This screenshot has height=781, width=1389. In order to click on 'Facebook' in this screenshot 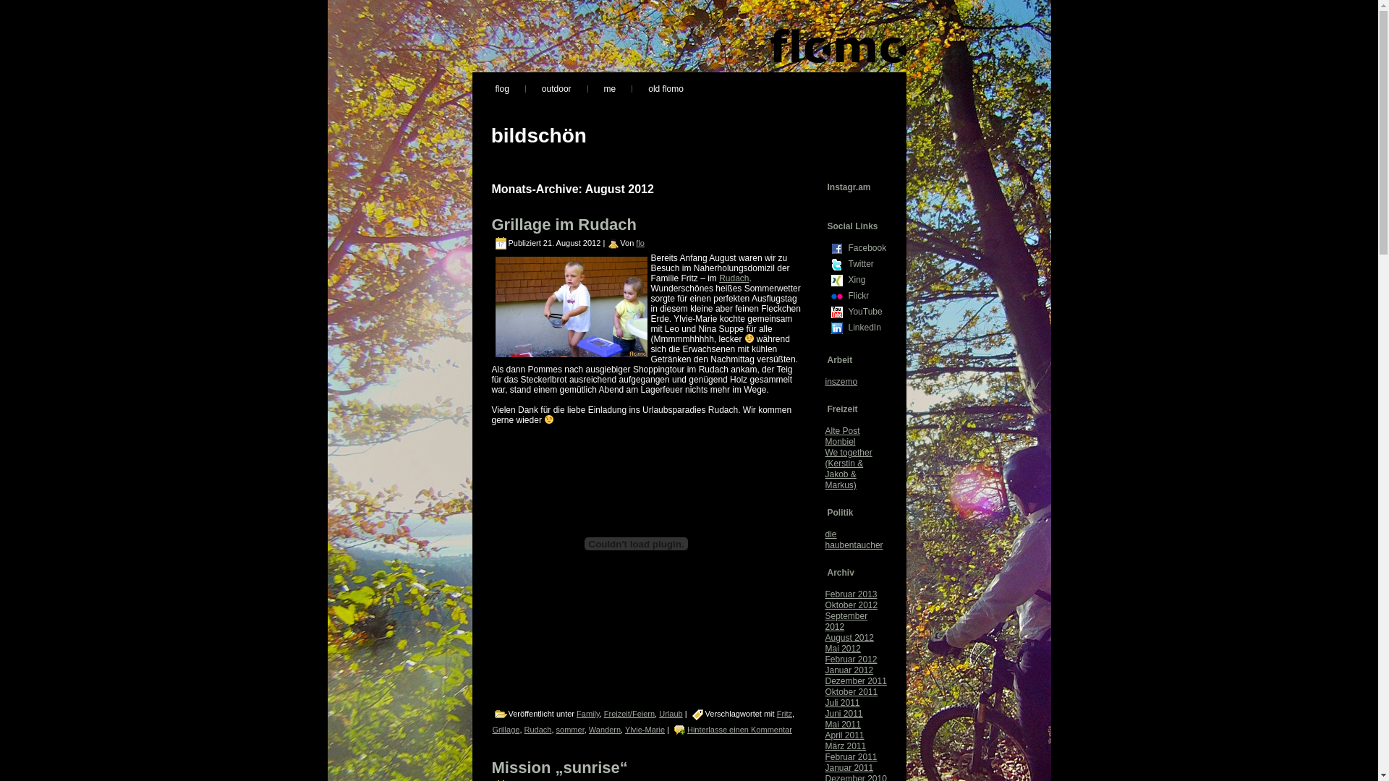, I will do `click(830, 247)`.